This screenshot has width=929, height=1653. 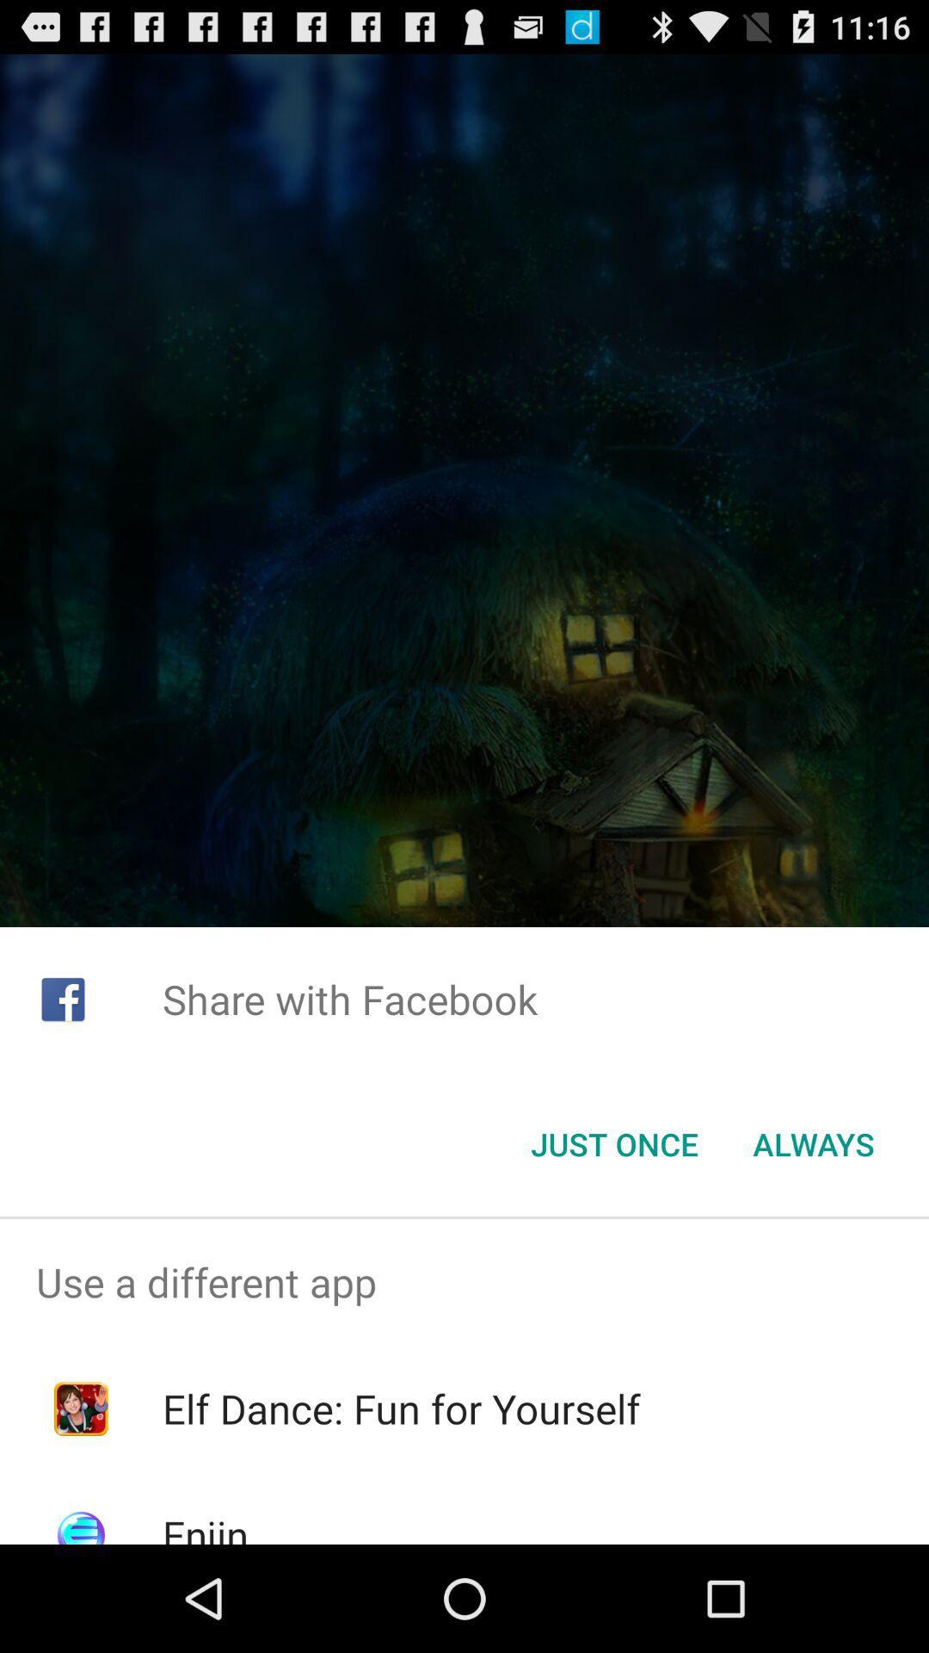 I want to click on the always button, so click(x=813, y=1144).